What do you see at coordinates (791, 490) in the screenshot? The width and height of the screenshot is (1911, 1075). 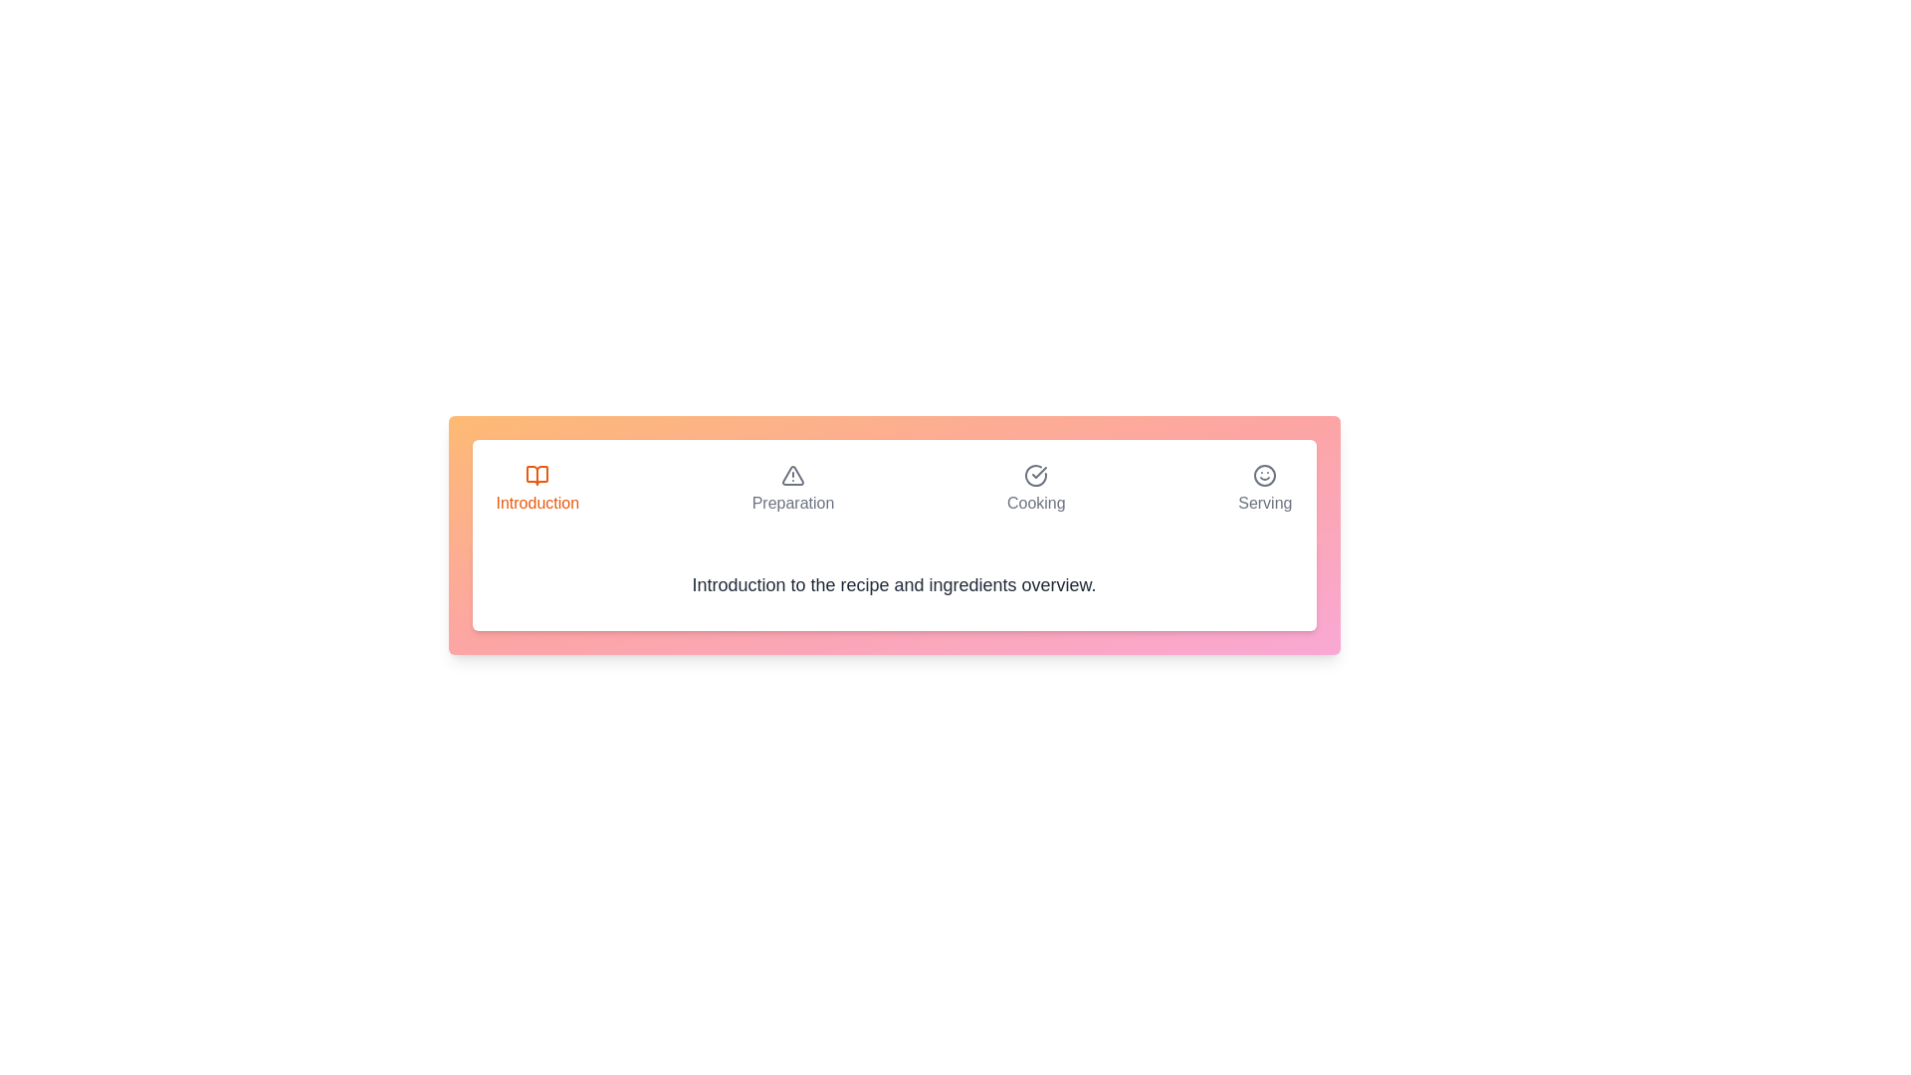 I see `the tab labeled Preparation` at bounding box center [791, 490].